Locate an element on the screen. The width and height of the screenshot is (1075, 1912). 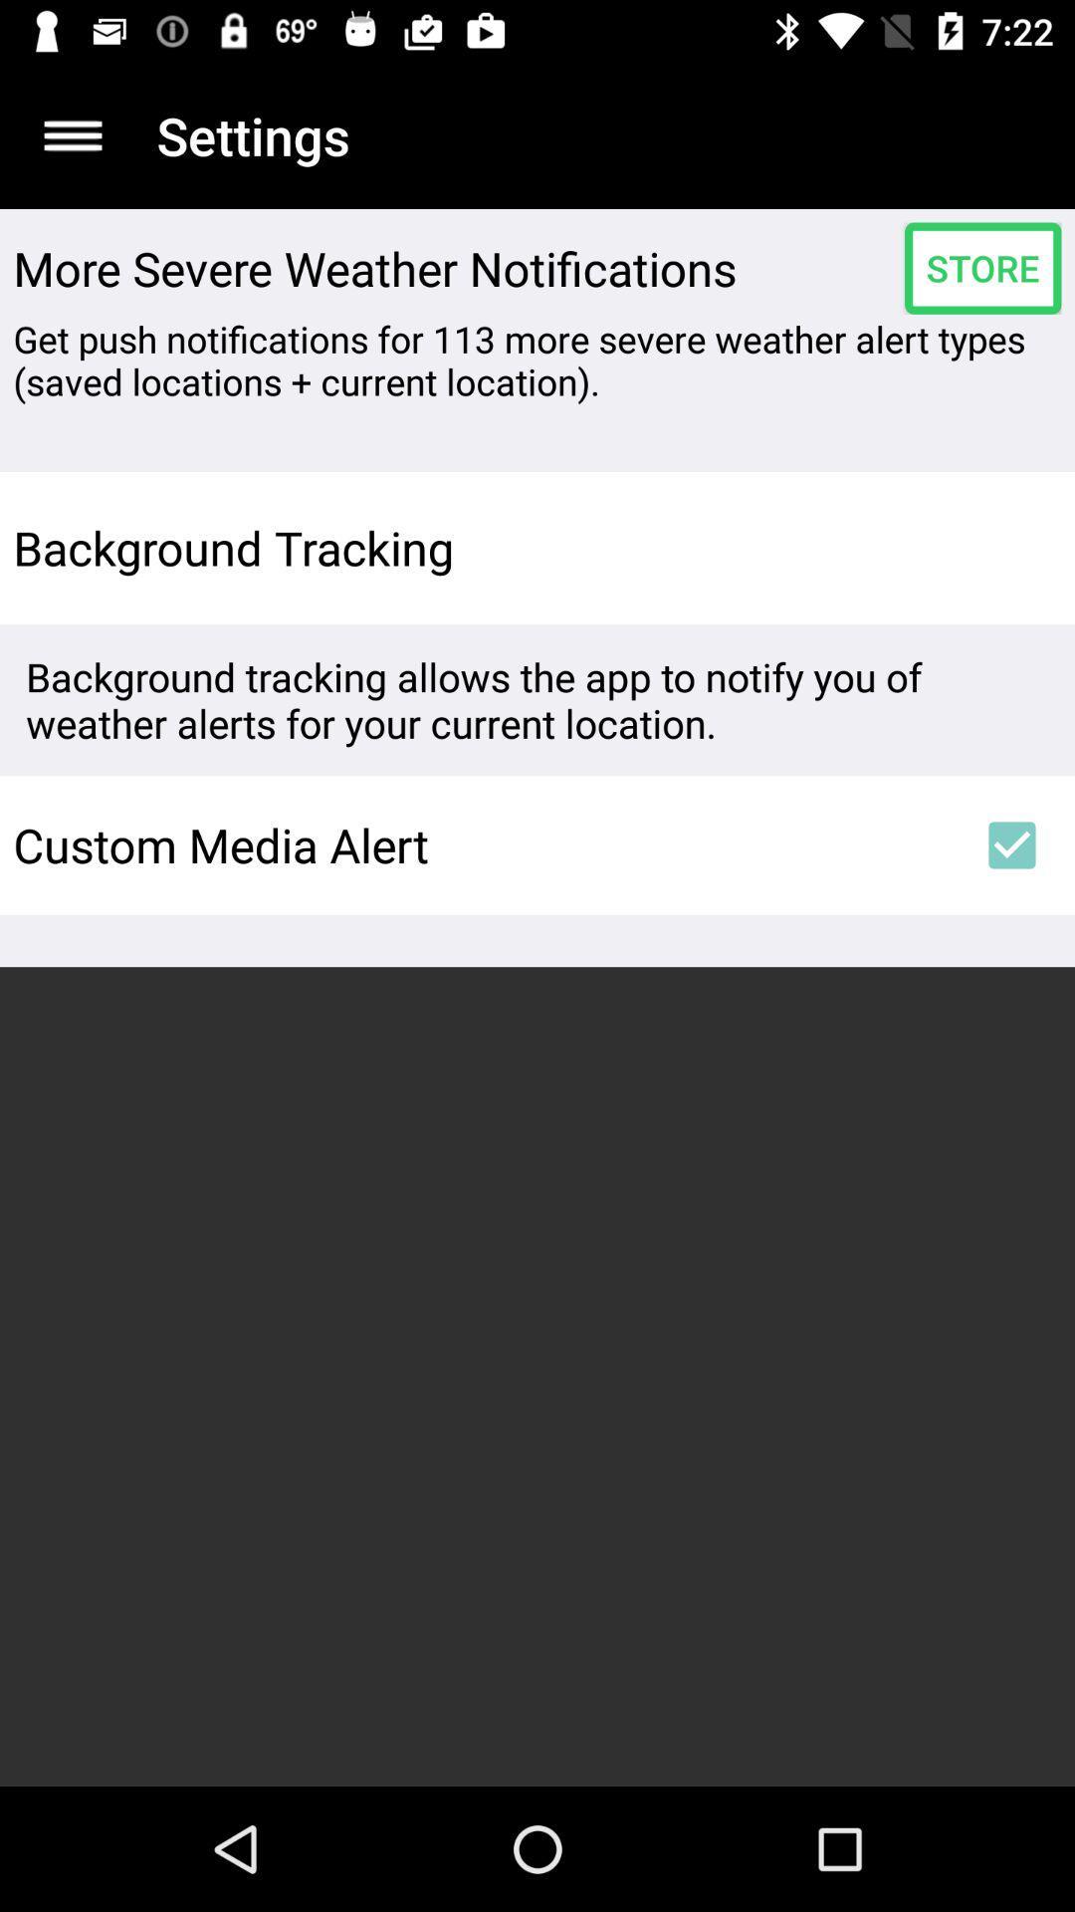
the icon below the background tracking allows item is located at coordinates (1012, 845).